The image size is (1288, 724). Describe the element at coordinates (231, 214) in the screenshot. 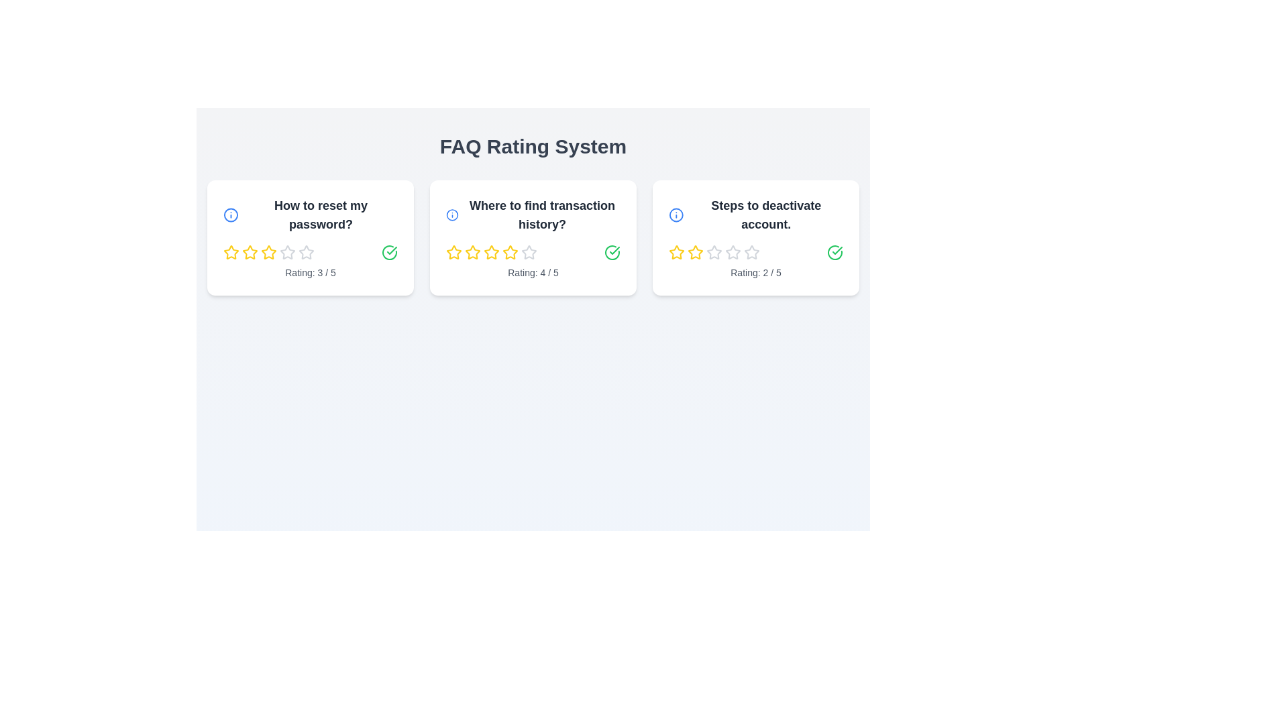

I see `the information icon of the FAQ card titled 'How to reset my password?'` at that location.